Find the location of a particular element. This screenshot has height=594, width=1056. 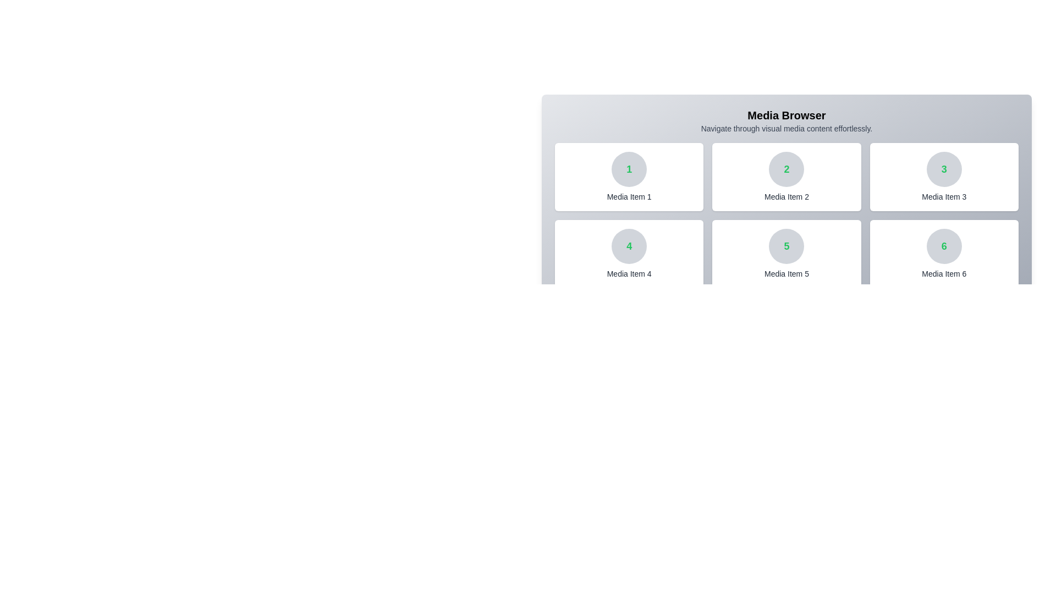

the Media Item Button located in the middle of the first row of the grid layout in the media browser interface is located at coordinates (786, 182).